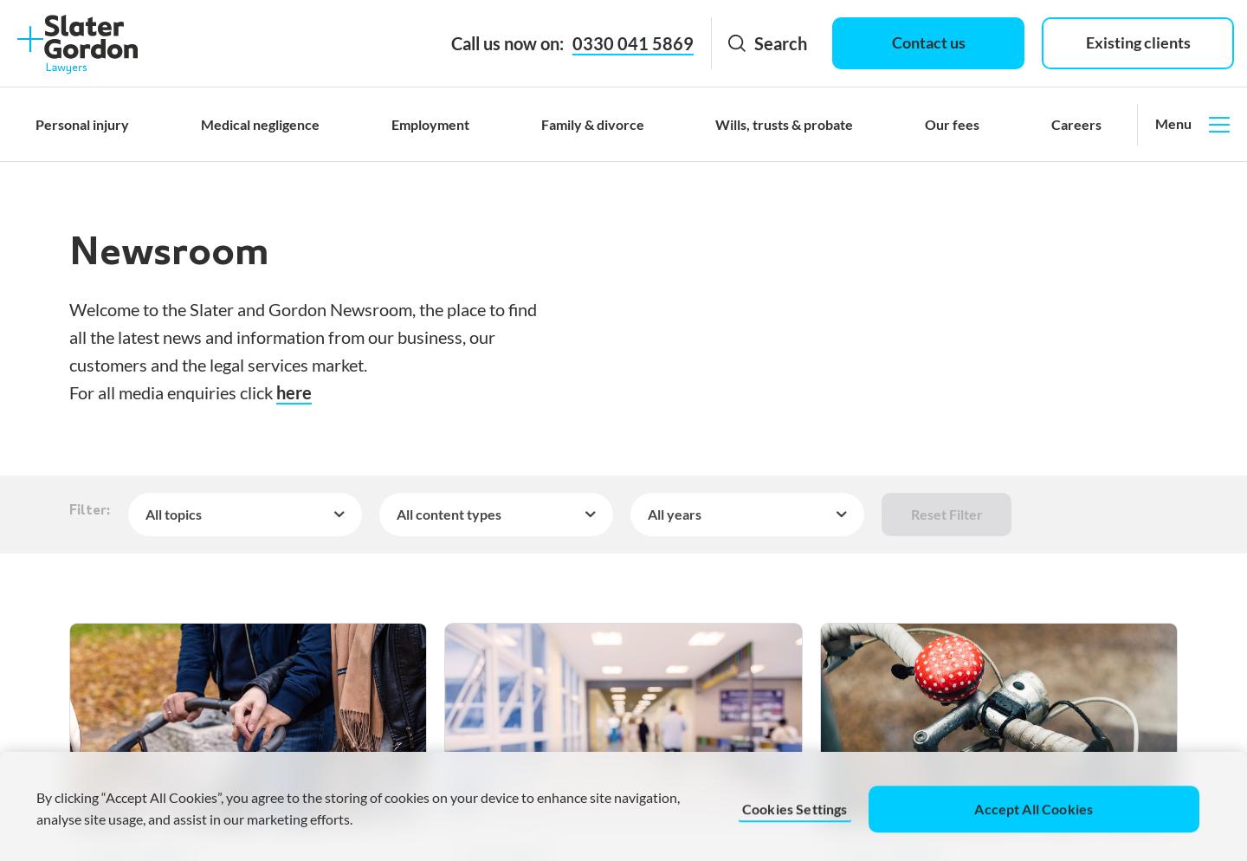 This screenshot has width=1247, height=861. I want to click on 'Welcome to the Slater and Gordon Newsroom, the place to find all the latest news and information from our business, our customers and the legal services market.', so click(303, 336).